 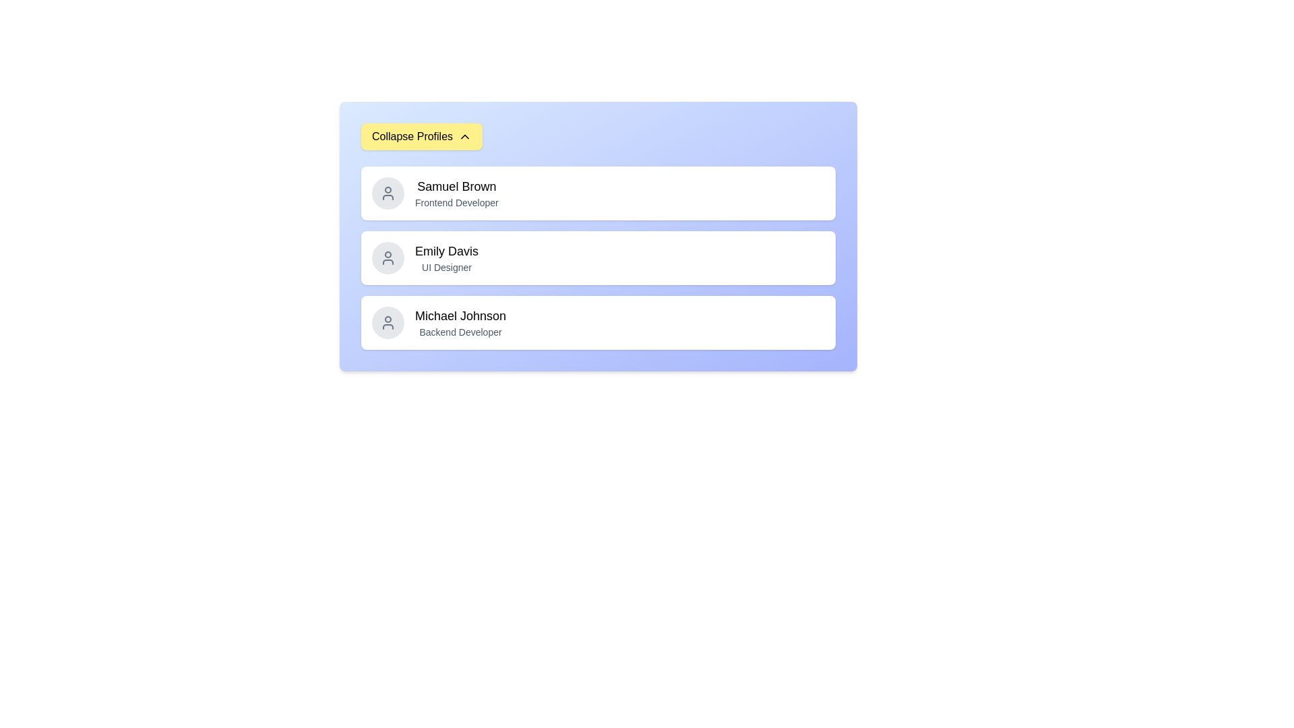 I want to click on the circular visual avatar placeholder for the user profile of 'Samuel Brown Frontend Developer', which has a gray background and a user icon in the center, so click(x=388, y=193).